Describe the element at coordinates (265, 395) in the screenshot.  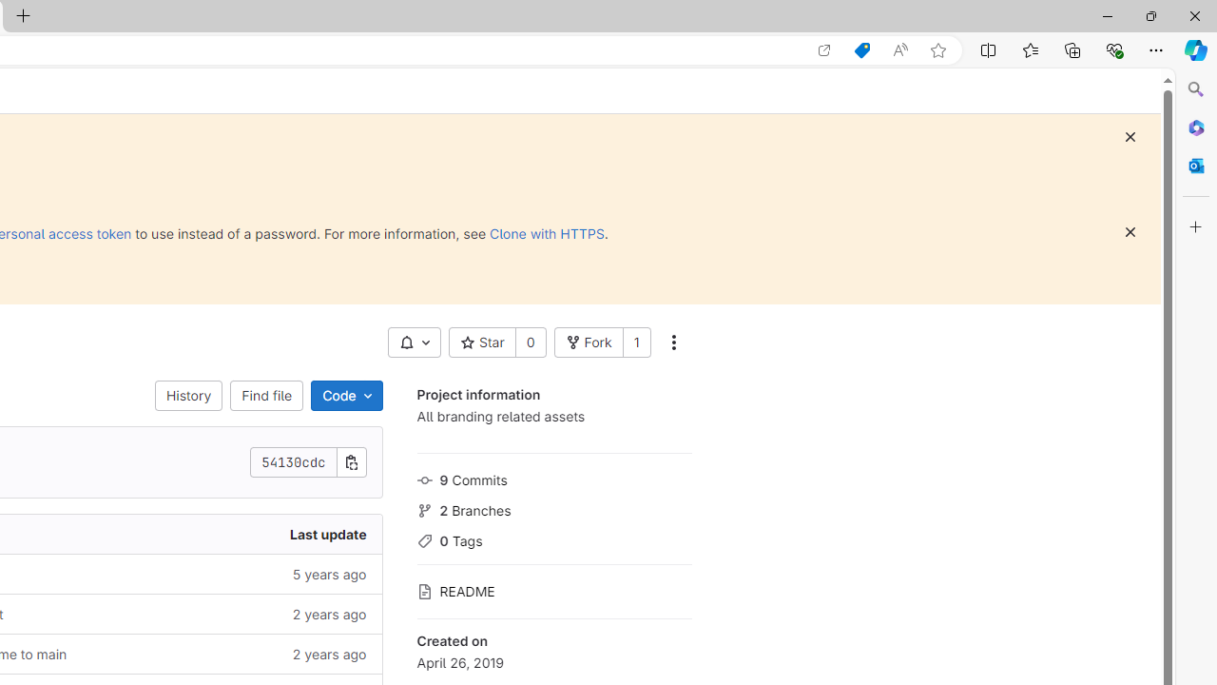
I see `'Find file'` at that location.